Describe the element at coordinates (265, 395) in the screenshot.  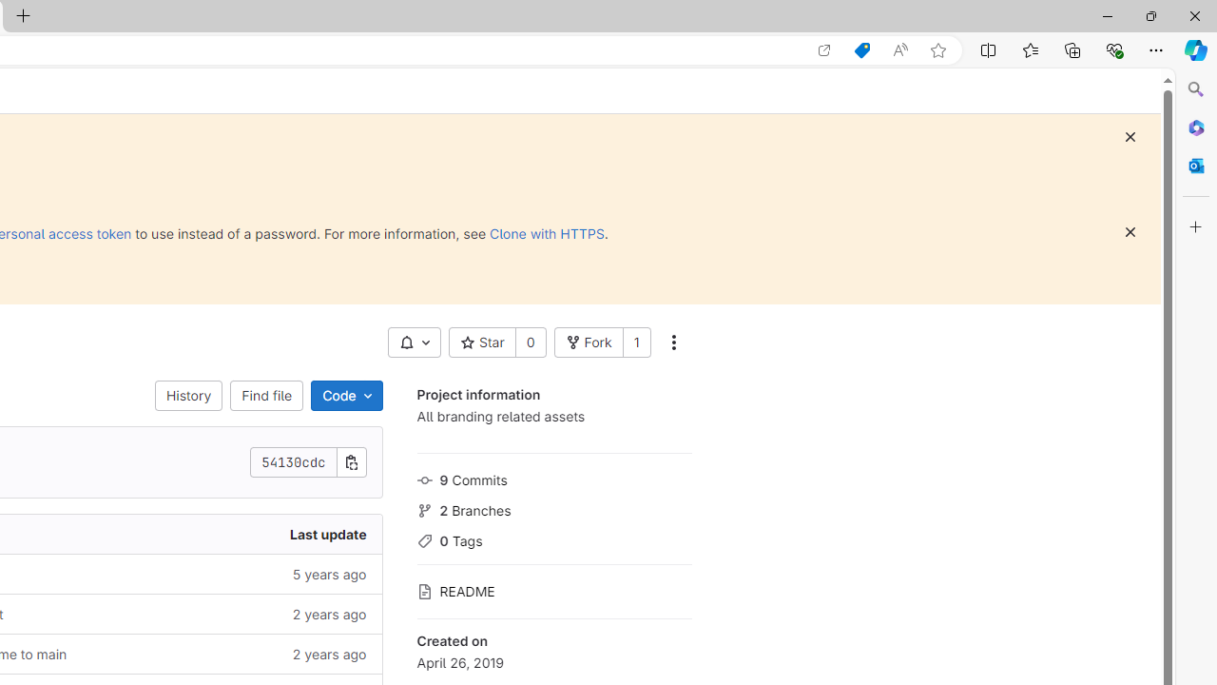
I see `'Find file'` at that location.